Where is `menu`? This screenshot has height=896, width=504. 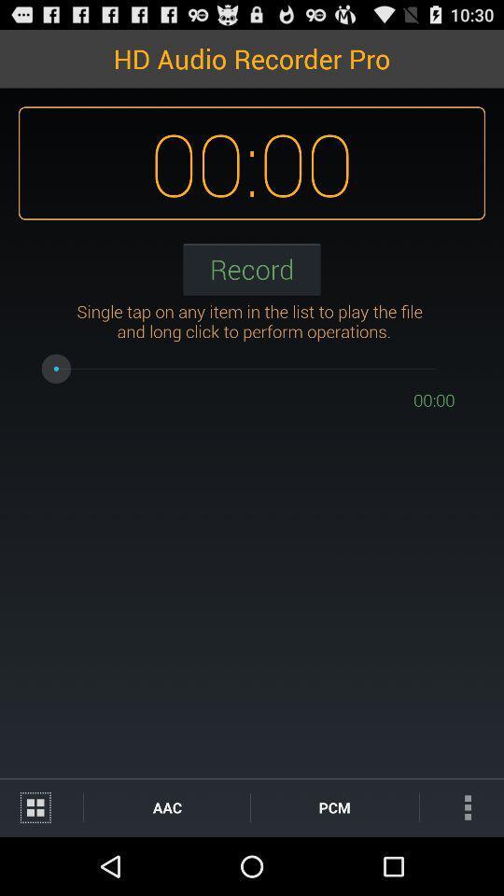 menu is located at coordinates (41, 806).